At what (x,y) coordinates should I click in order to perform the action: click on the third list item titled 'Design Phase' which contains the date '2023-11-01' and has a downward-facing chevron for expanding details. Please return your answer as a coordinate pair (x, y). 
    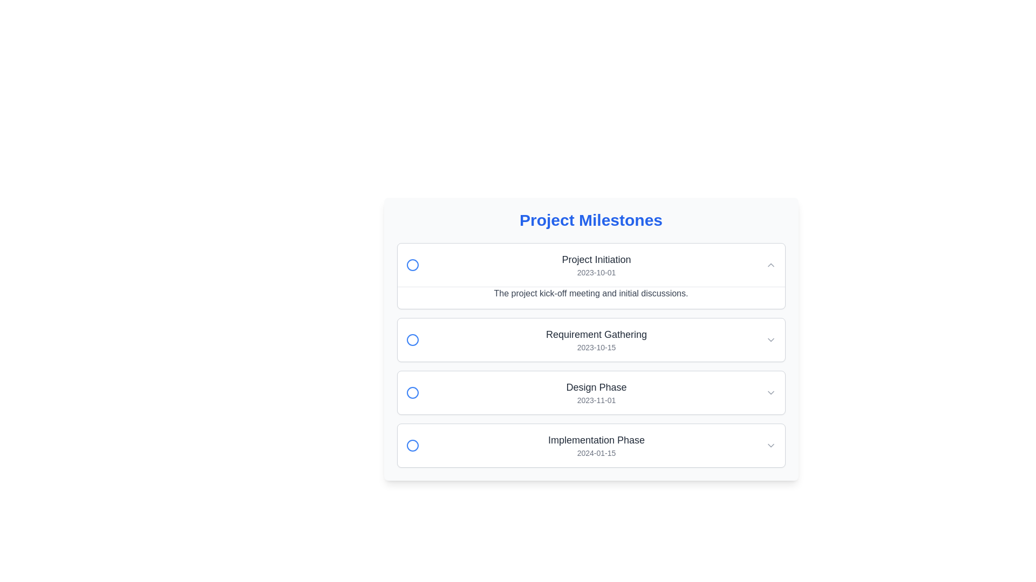
    Looking at the image, I should click on (590, 393).